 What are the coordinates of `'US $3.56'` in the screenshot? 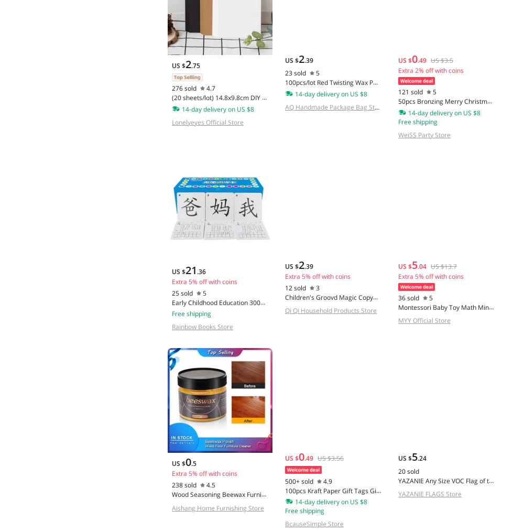 It's located at (330, 458).